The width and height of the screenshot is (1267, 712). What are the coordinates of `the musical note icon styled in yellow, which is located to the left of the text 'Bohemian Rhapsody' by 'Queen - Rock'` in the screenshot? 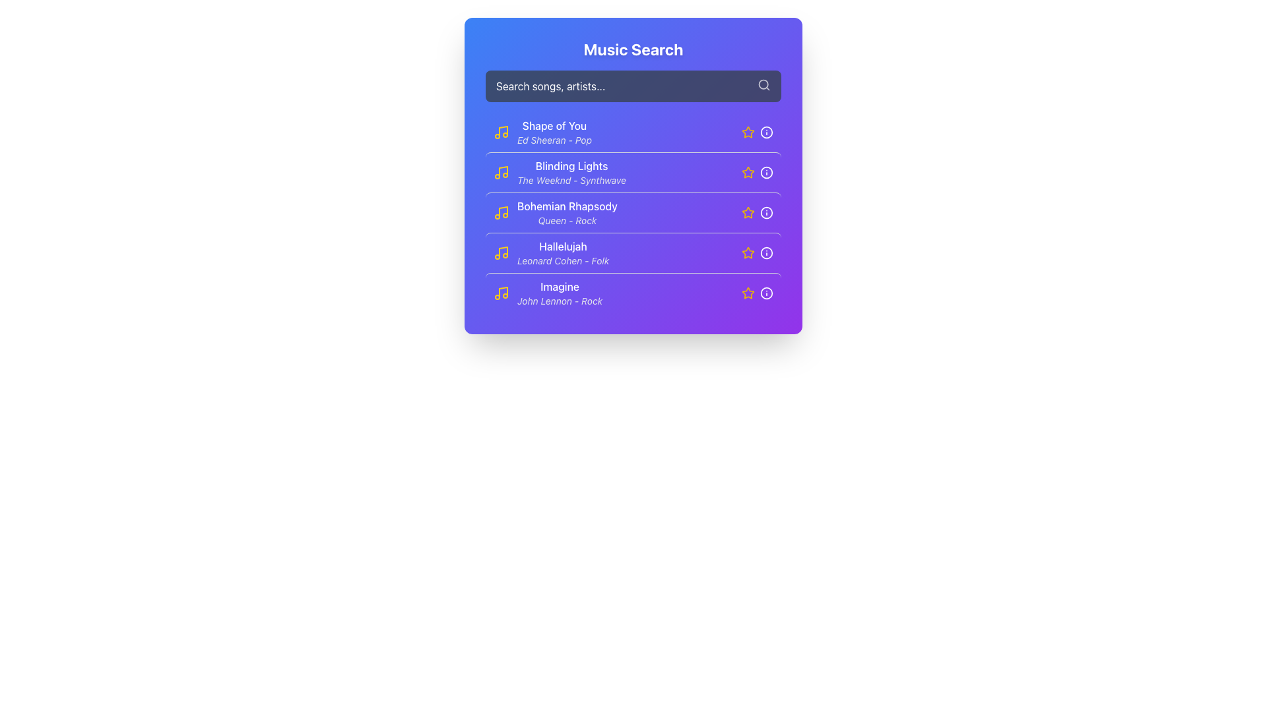 It's located at (500, 212).